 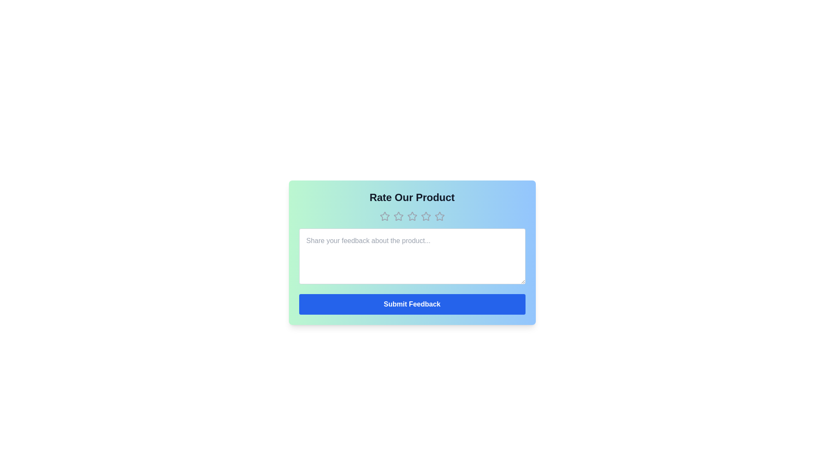 What do you see at coordinates (412, 256) in the screenshot?
I see `the center of the text area to focus it` at bounding box center [412, 256].